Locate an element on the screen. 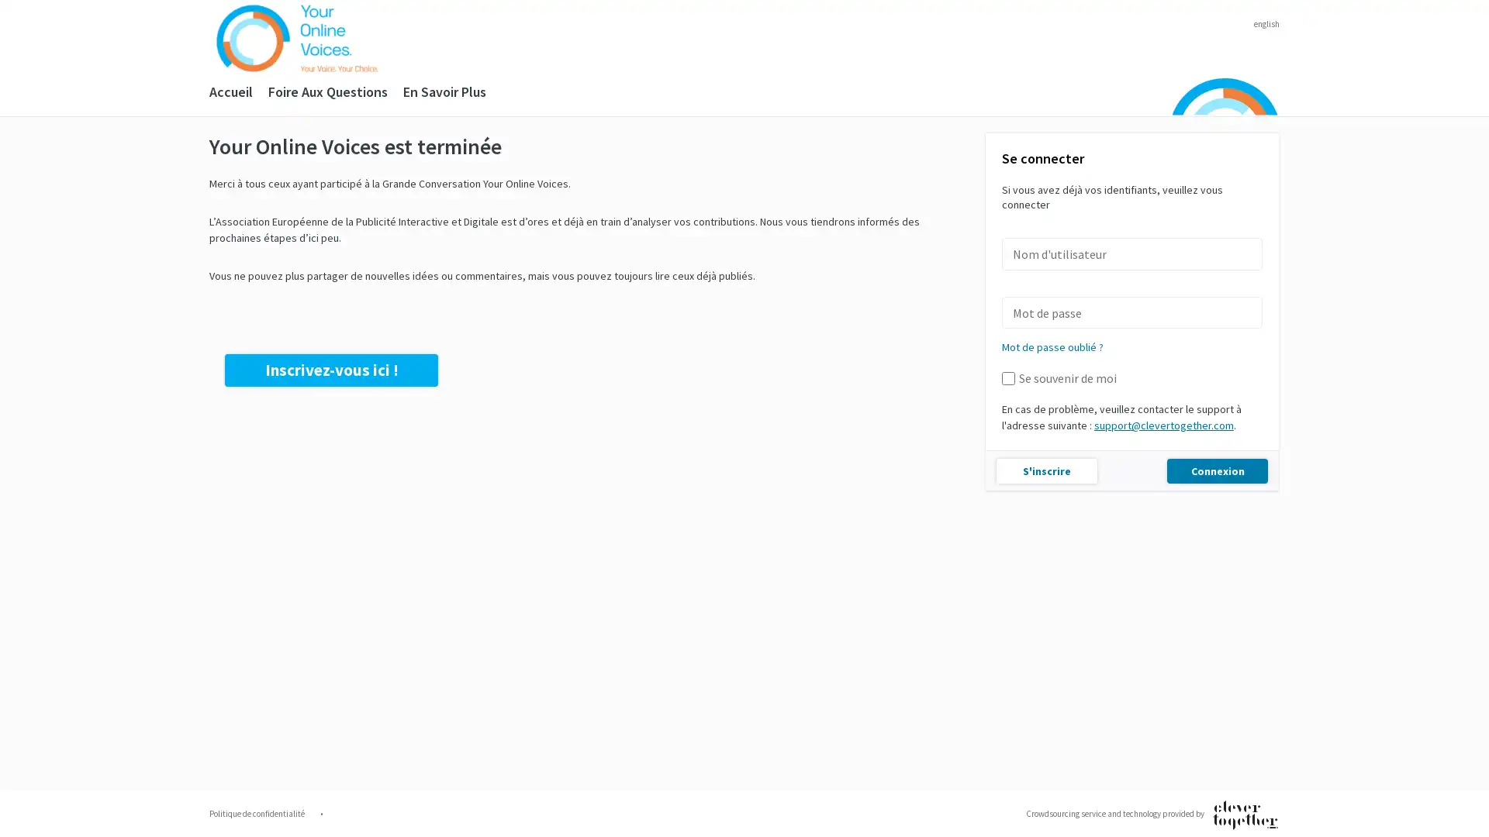 The width and height of the screenshot is (1489, 837). Connexion is located at coordinates (1216, 469).